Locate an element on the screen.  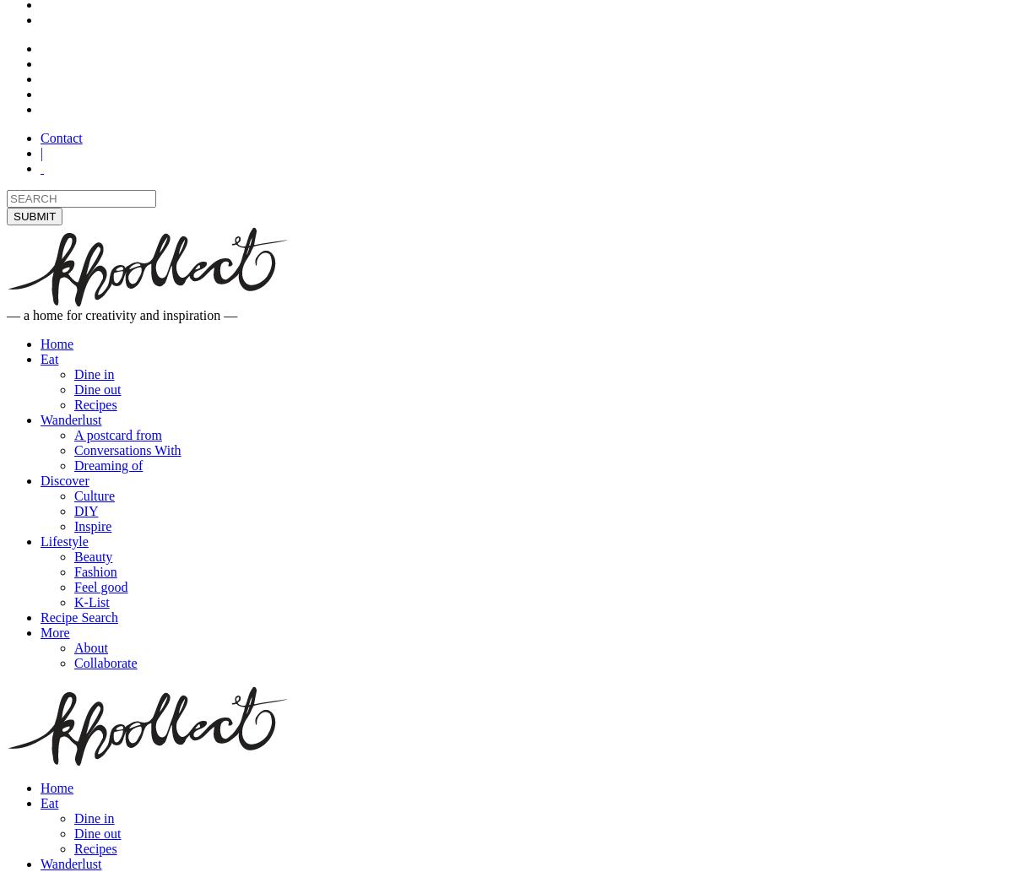
'Conversations With' is located at coordinates (73, 449).